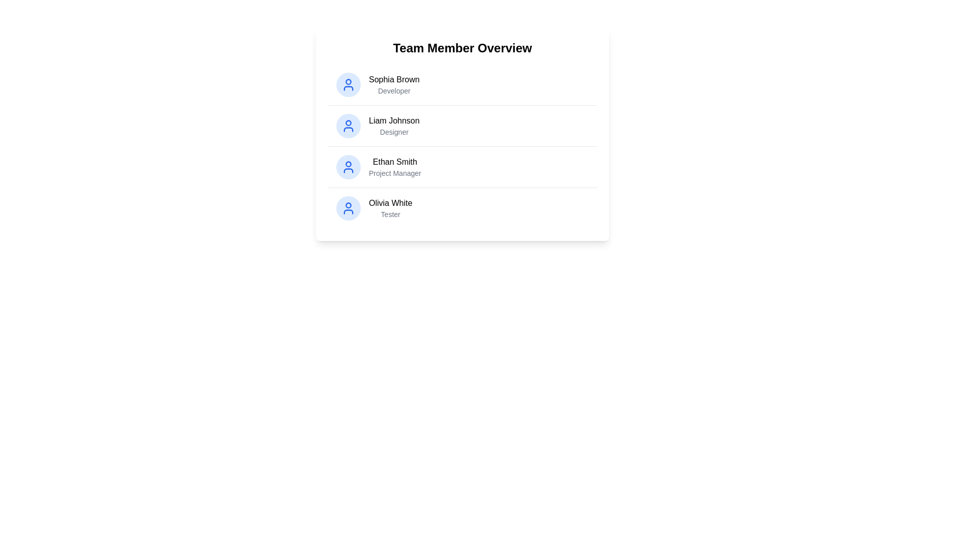 The height and width of the screenshot is (549, 977). I want to click on the static text label displaying 'Project Manager', which is styled in a small gray font and located beneath the bold name 'Ethan Smith' in the team members list, so click(394, 172).